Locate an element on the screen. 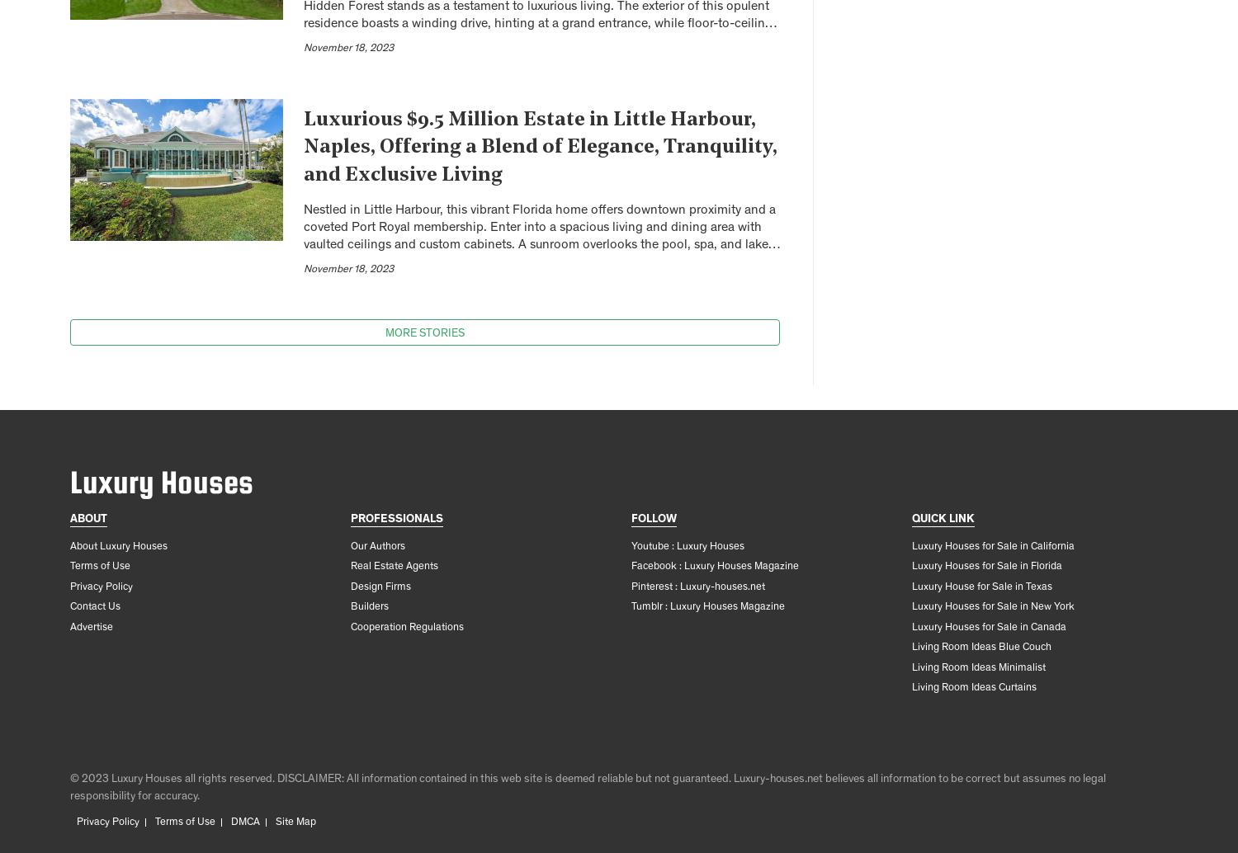  'Advertise' is located at coordinates (69, 627).